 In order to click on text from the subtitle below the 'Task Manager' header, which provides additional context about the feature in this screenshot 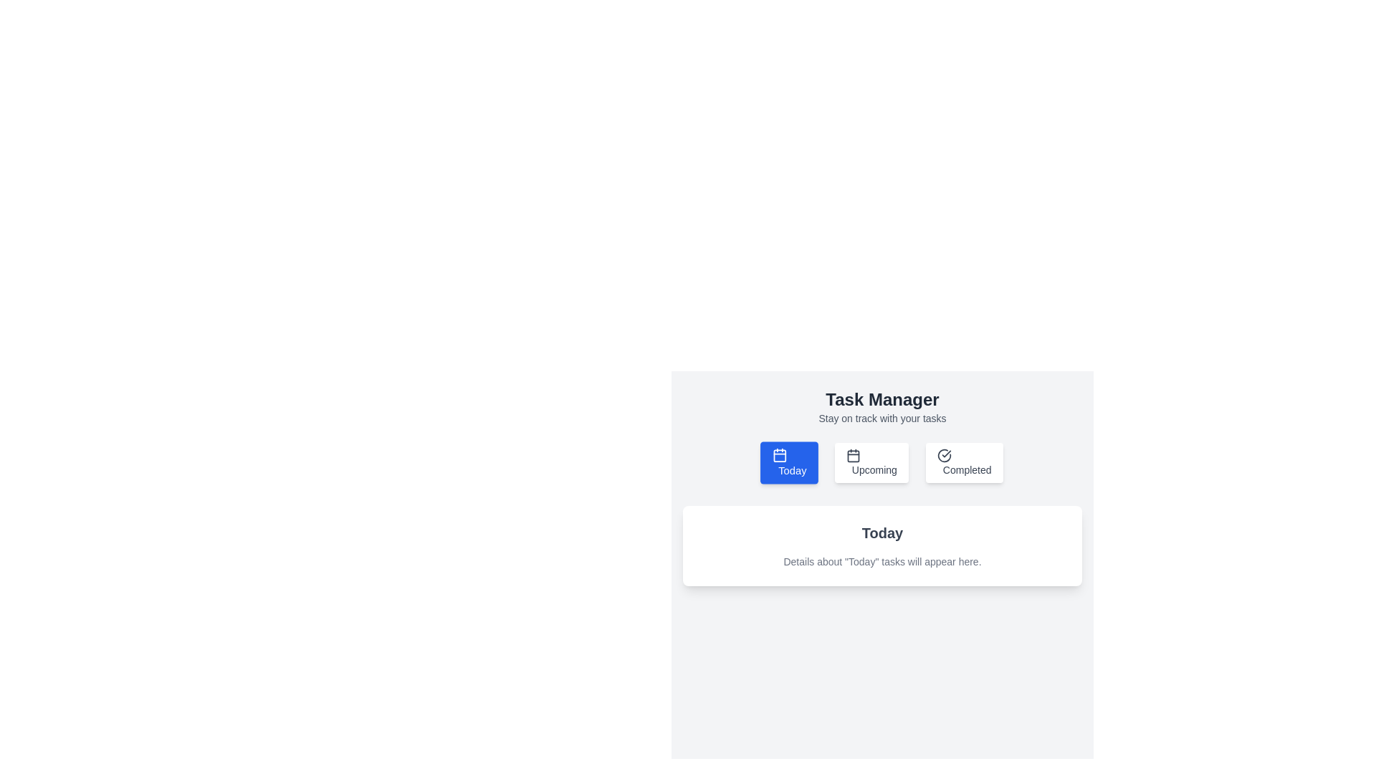, I will do `click(881, 418)`.